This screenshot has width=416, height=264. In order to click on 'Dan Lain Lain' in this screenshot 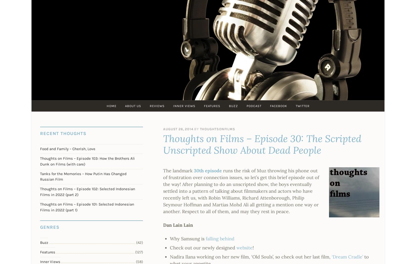, I will do `click(178, 224)`.